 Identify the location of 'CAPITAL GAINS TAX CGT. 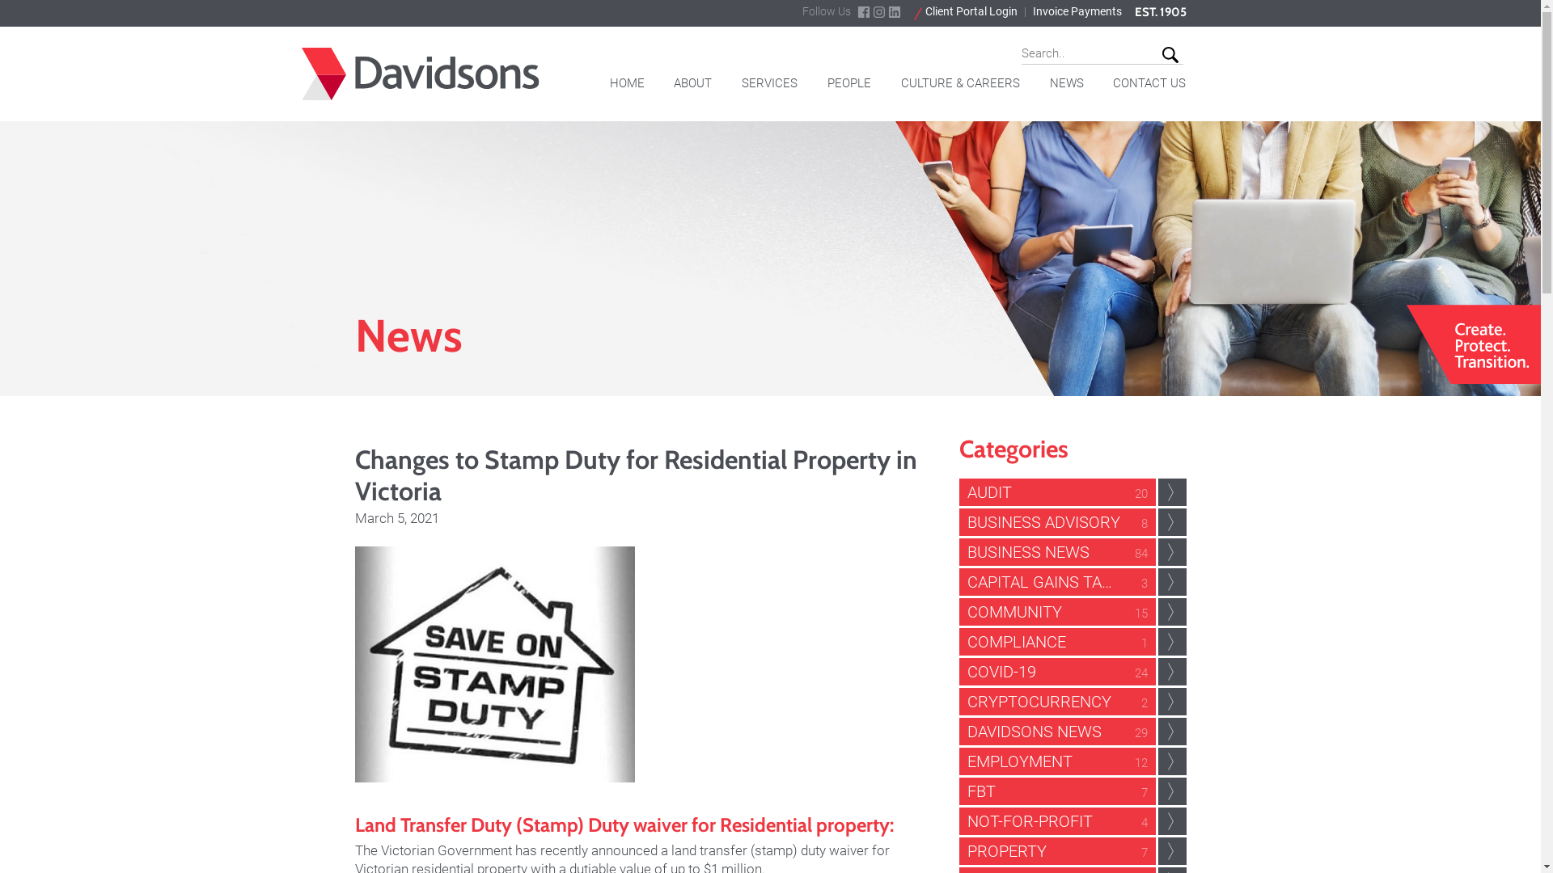
(1072, 582).